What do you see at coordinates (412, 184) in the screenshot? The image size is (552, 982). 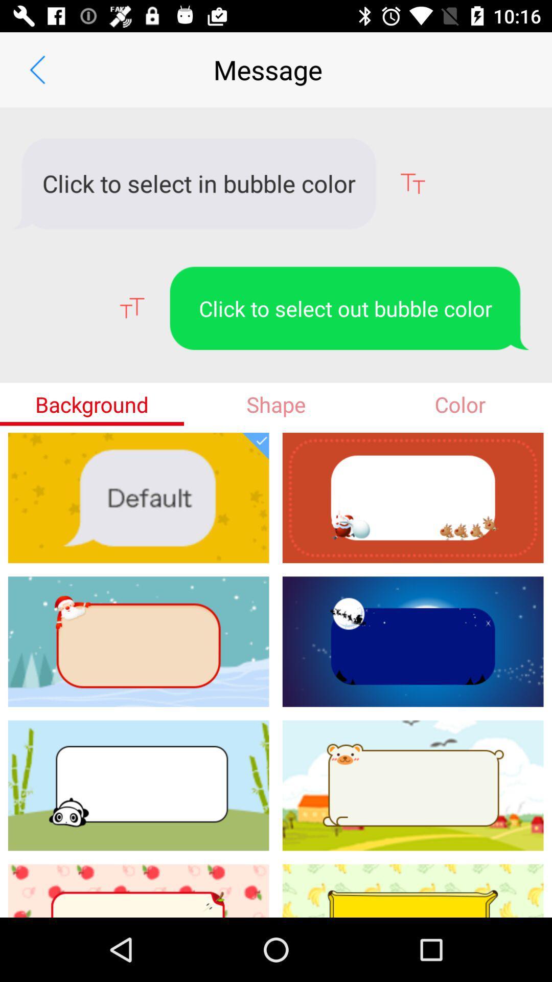 I see `the font icon` at bounding box center [412, 184].